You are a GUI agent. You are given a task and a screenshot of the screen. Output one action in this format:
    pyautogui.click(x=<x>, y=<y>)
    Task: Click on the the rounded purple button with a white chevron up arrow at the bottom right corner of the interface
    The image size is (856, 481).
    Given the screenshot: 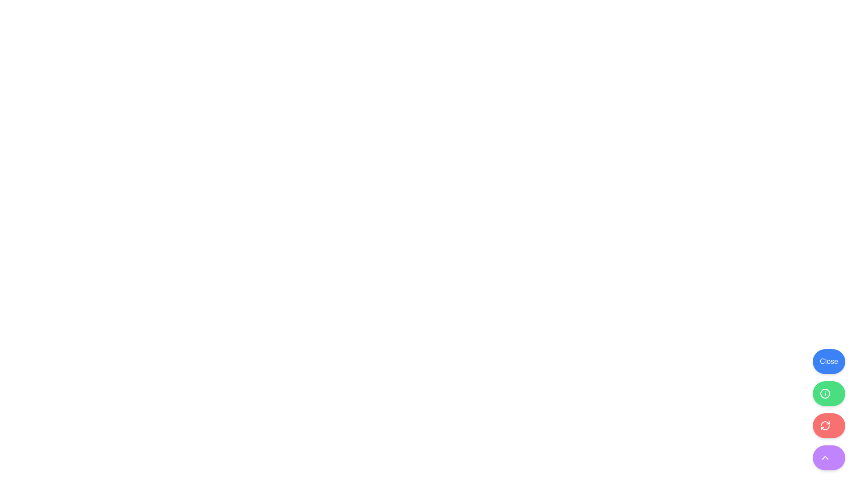 What is the action you would take?
    pyautogui.click(x=828, y=458)
    